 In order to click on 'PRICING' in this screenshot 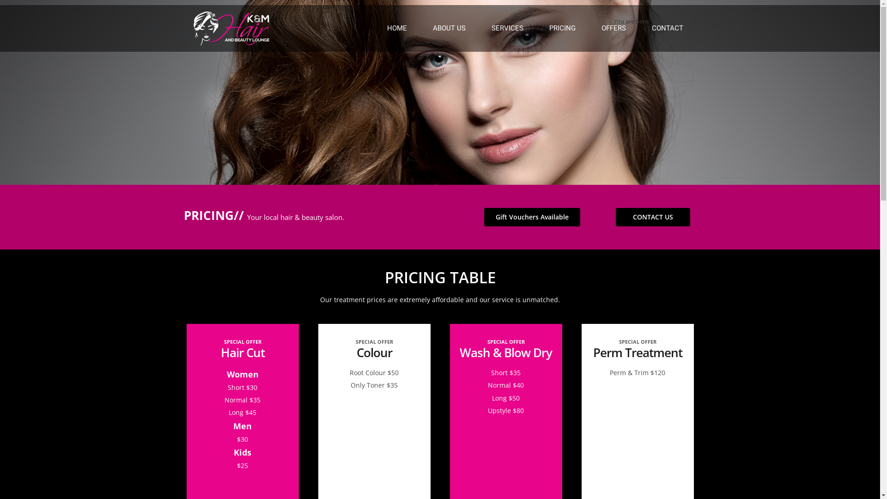, I will do `click(561, 28)`.